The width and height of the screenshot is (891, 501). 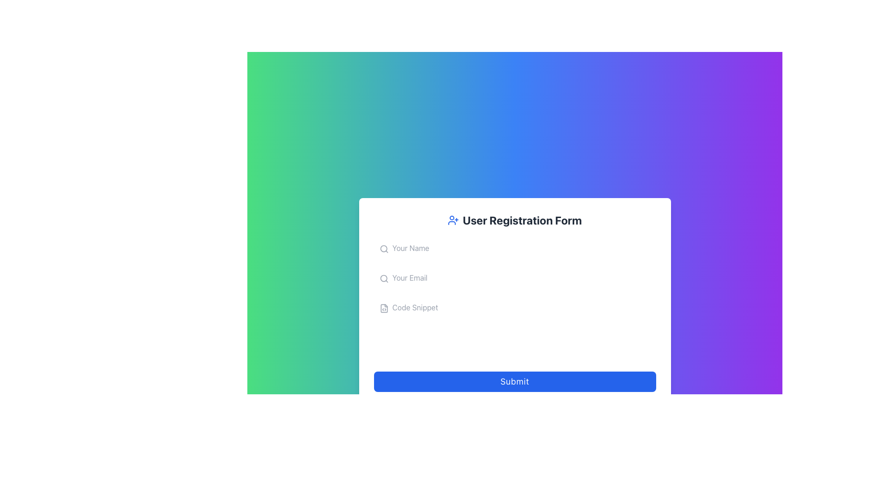 I want to click on the SVG circle element representing the magnifying glass in the search icon within the user registration form, located to the left of the 'Your Name' input field, so click(x=383, y=248).